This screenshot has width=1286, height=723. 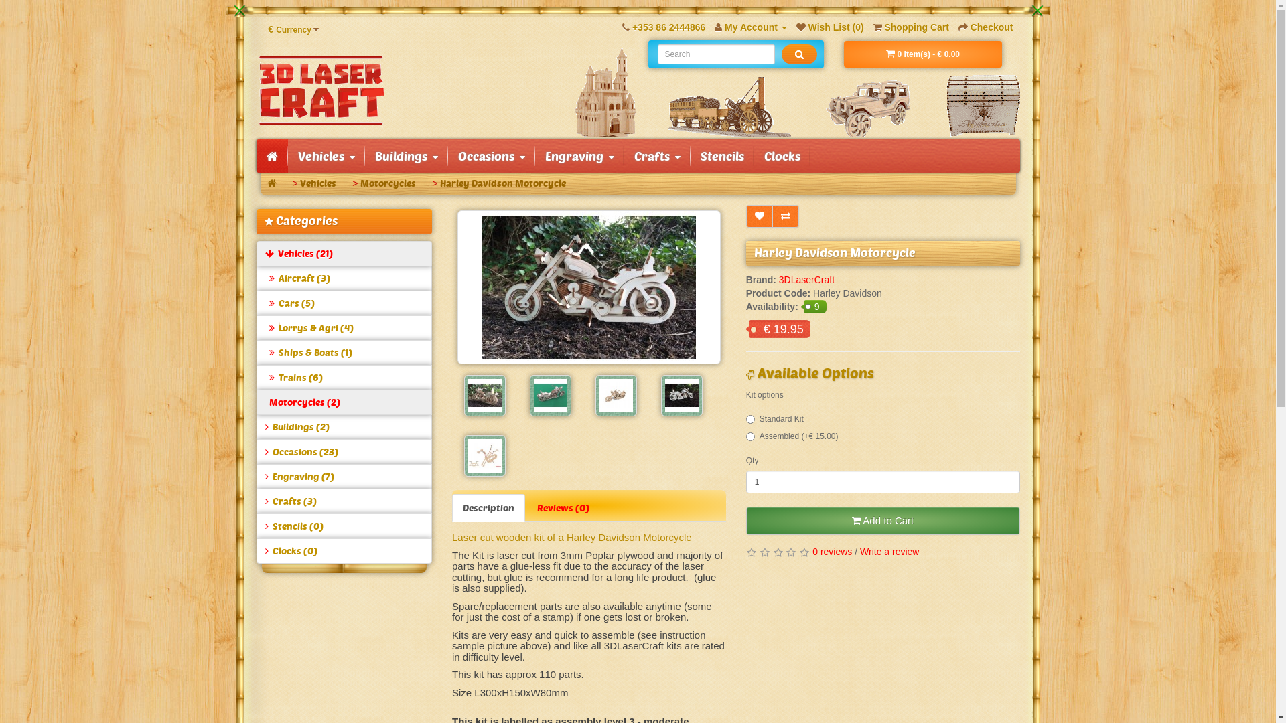 I want to click on '  Crafts (3)', so click(x=256, y=501).